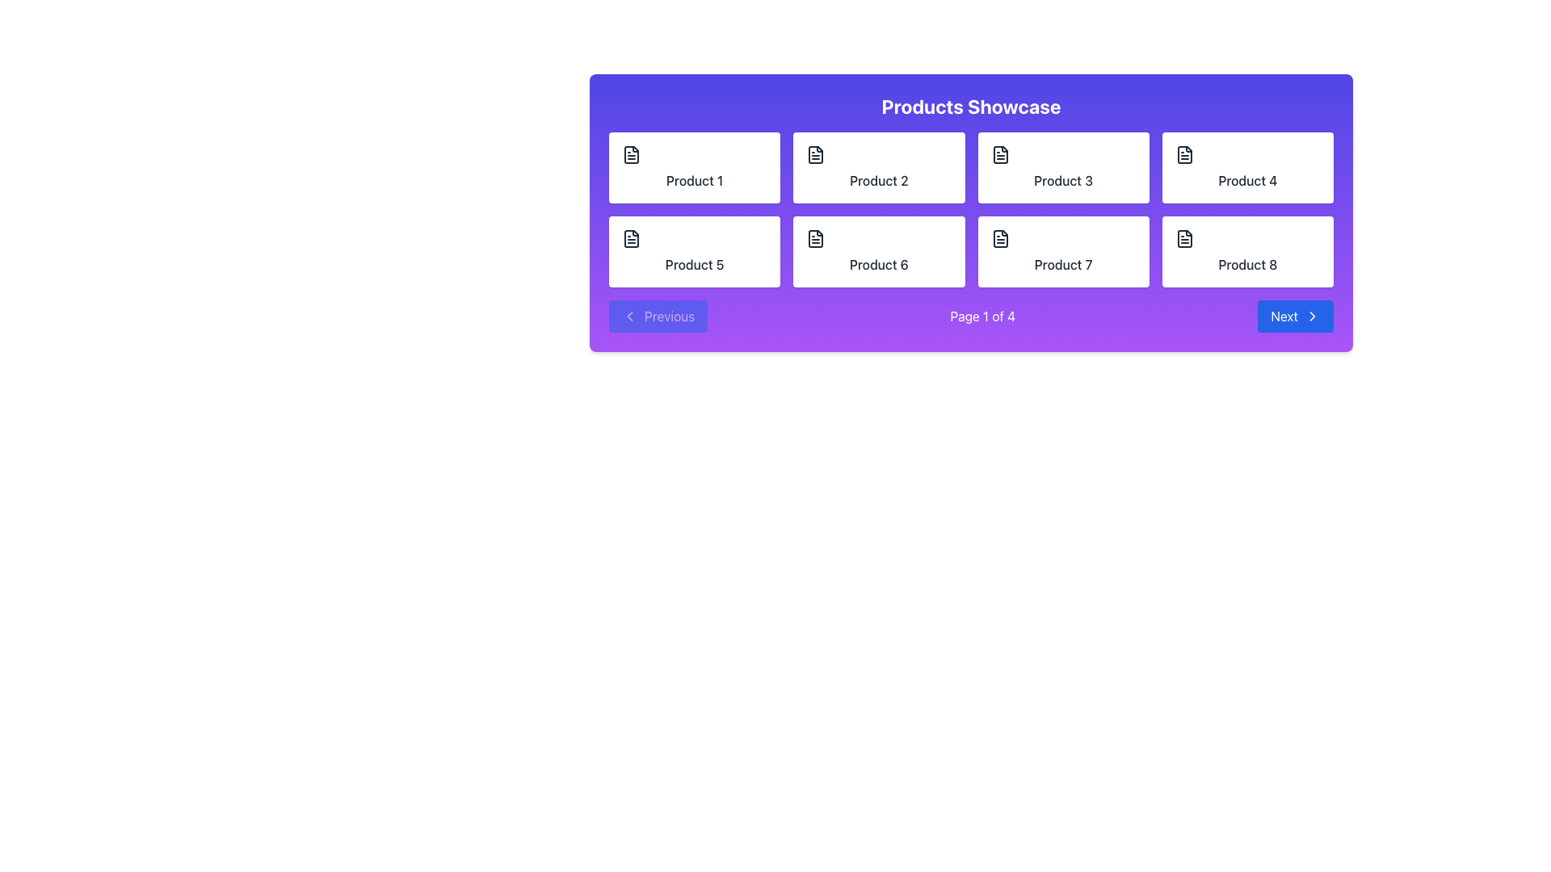 Image resolution: width=1551 pixels, height=872 pixels. Describe the element at coordinates (878, 180) in the screenshot. I see `the text label that serves as the title for the second product card` at that location.